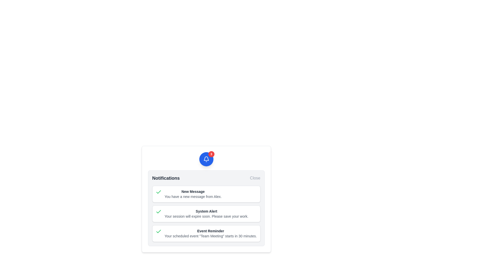 The height and width of the screenshot is (273, 485). Describe the element at coordinates (206, 194) in the screenshot. I see `the Notification Card that notifies the user about a new message from 'Alex', which is the first of three notification cards in the notification panel` at that location.